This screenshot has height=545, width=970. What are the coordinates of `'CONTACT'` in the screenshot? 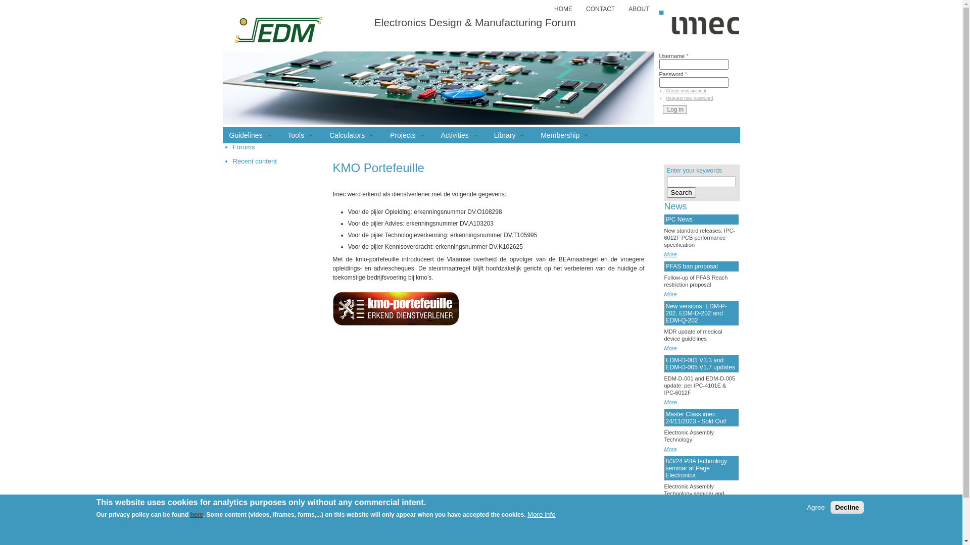 It's located at (600, 9).